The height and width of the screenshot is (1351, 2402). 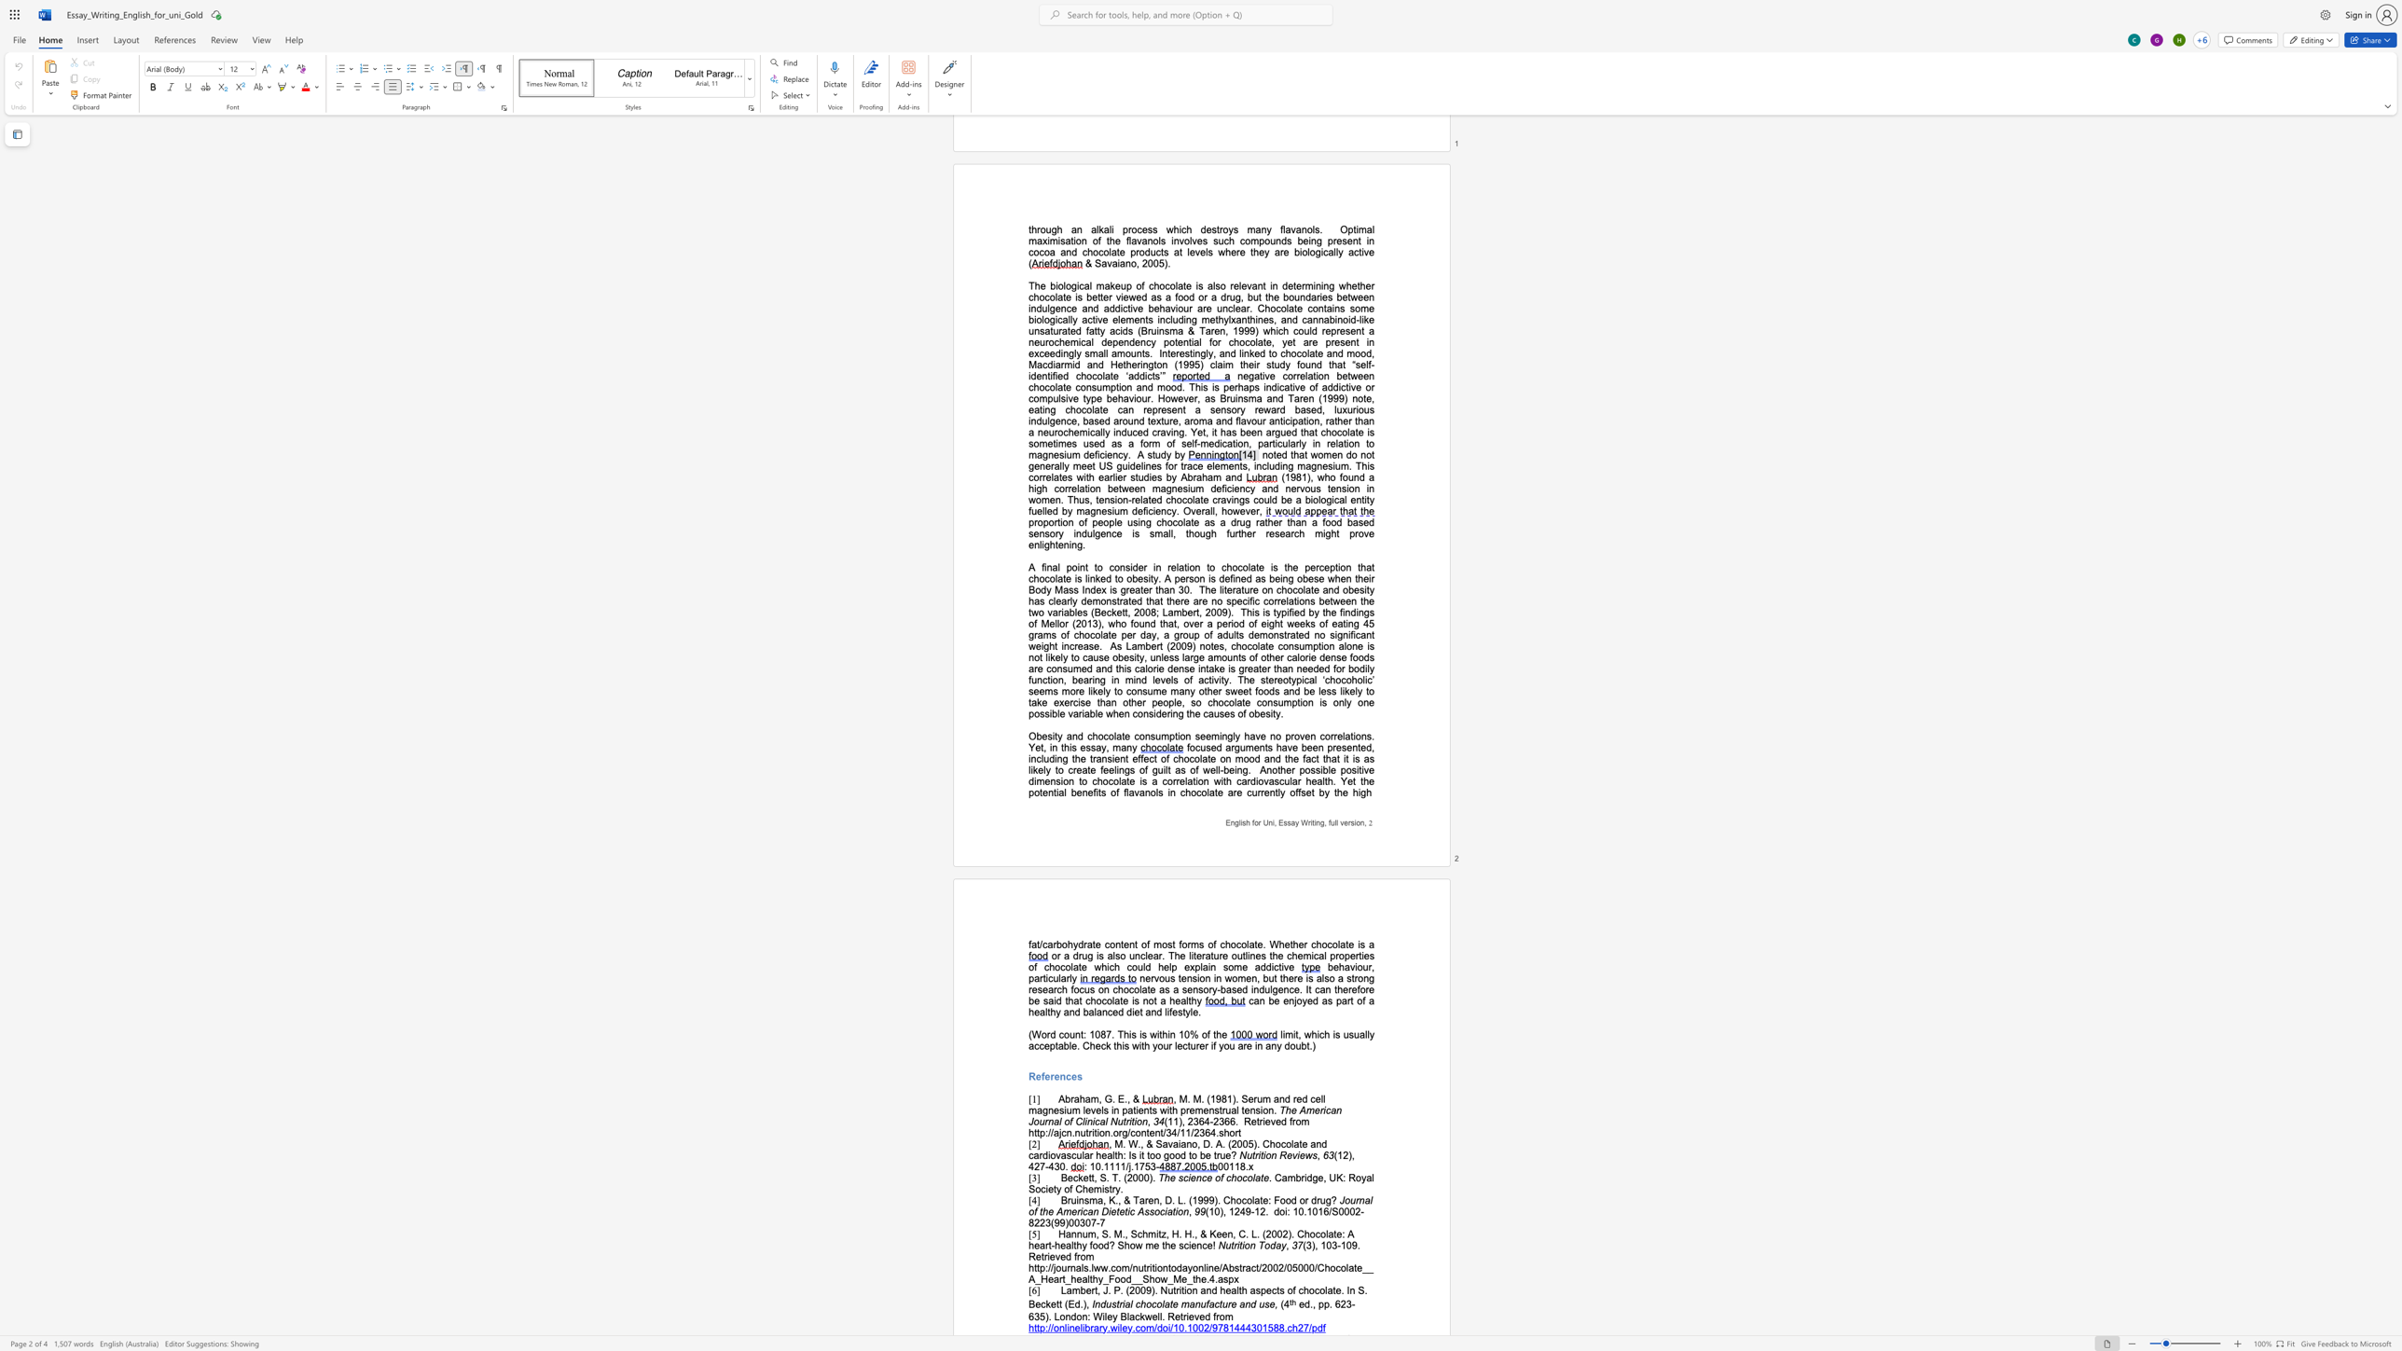 What do you see at coordinates (1141, 1122) in the screenshot?
I see `the space between the continuous character "o" and "n" in the text` at bounding box center [1141, 1122].